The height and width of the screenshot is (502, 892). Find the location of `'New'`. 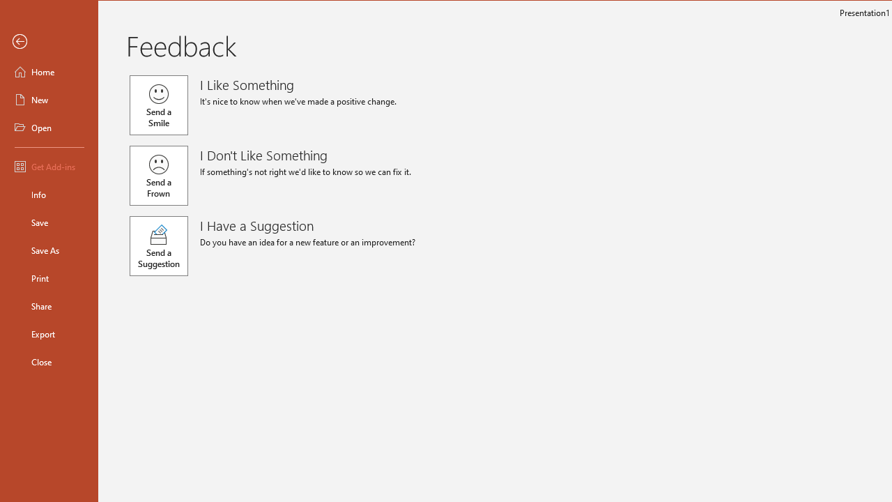

'New' is located at coordinates (49, 98).